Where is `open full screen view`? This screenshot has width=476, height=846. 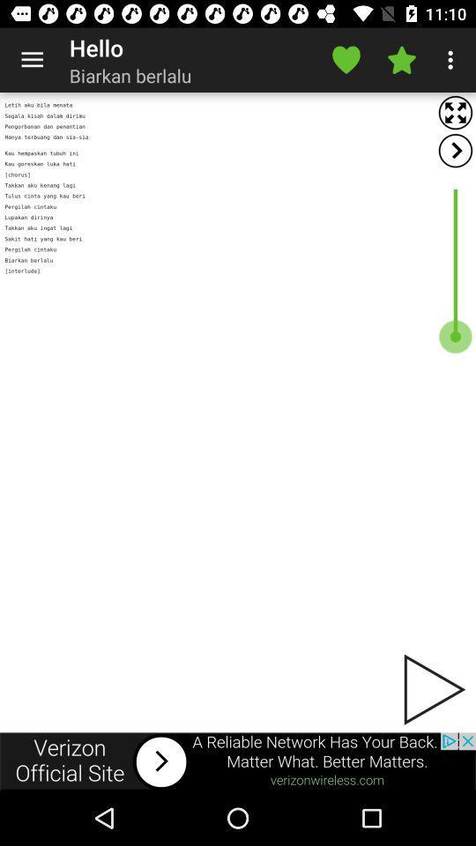 open full screen view is located at coordinates (455, 112).